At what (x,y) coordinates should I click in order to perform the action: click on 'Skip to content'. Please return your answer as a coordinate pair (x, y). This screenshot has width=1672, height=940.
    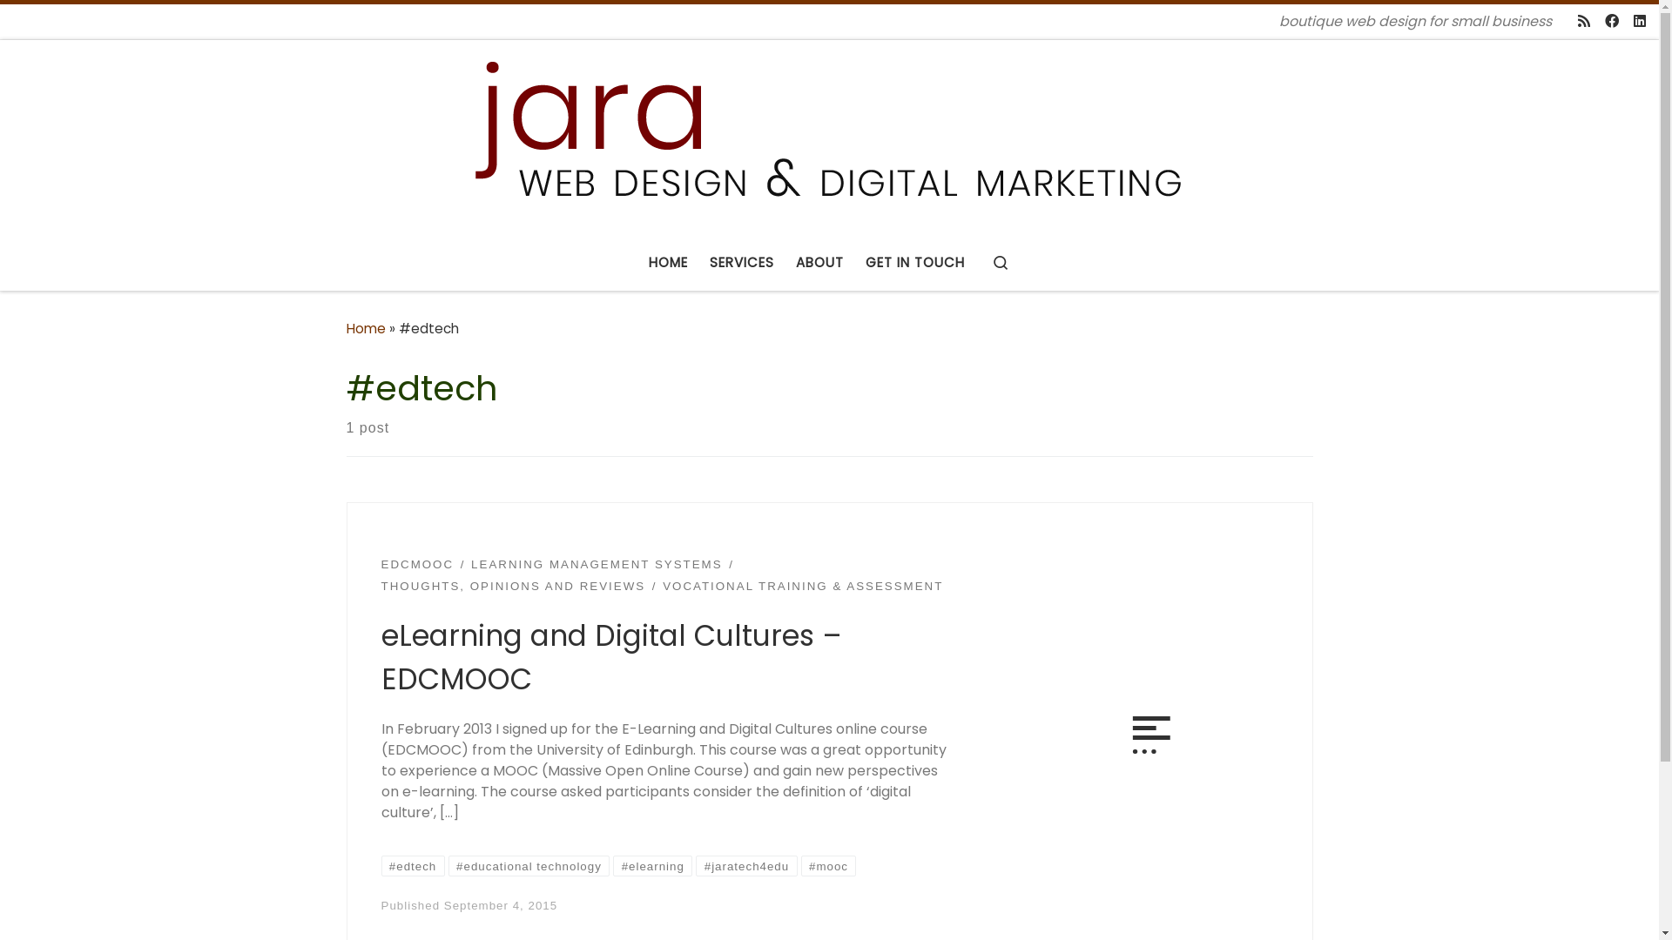
    Looking at the image, I should click on (75, 26).